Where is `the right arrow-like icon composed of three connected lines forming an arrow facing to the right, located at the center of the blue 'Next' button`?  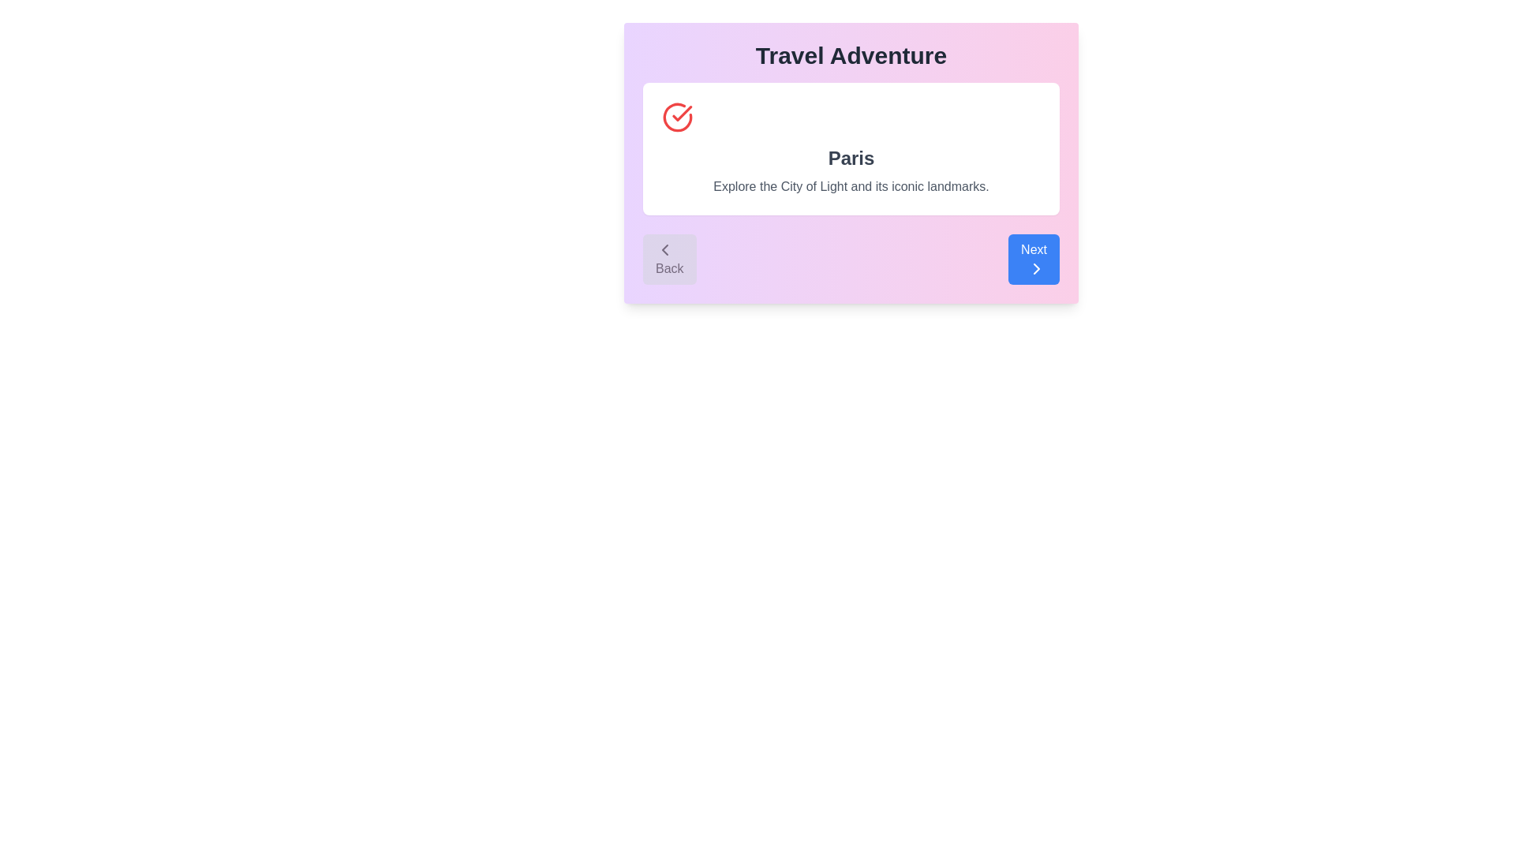 the right arrow-like icon composed of three connected lines forming an arrow facing to the right, located at the center of the blue 'Next' button is located at coordinates (1037, 267).